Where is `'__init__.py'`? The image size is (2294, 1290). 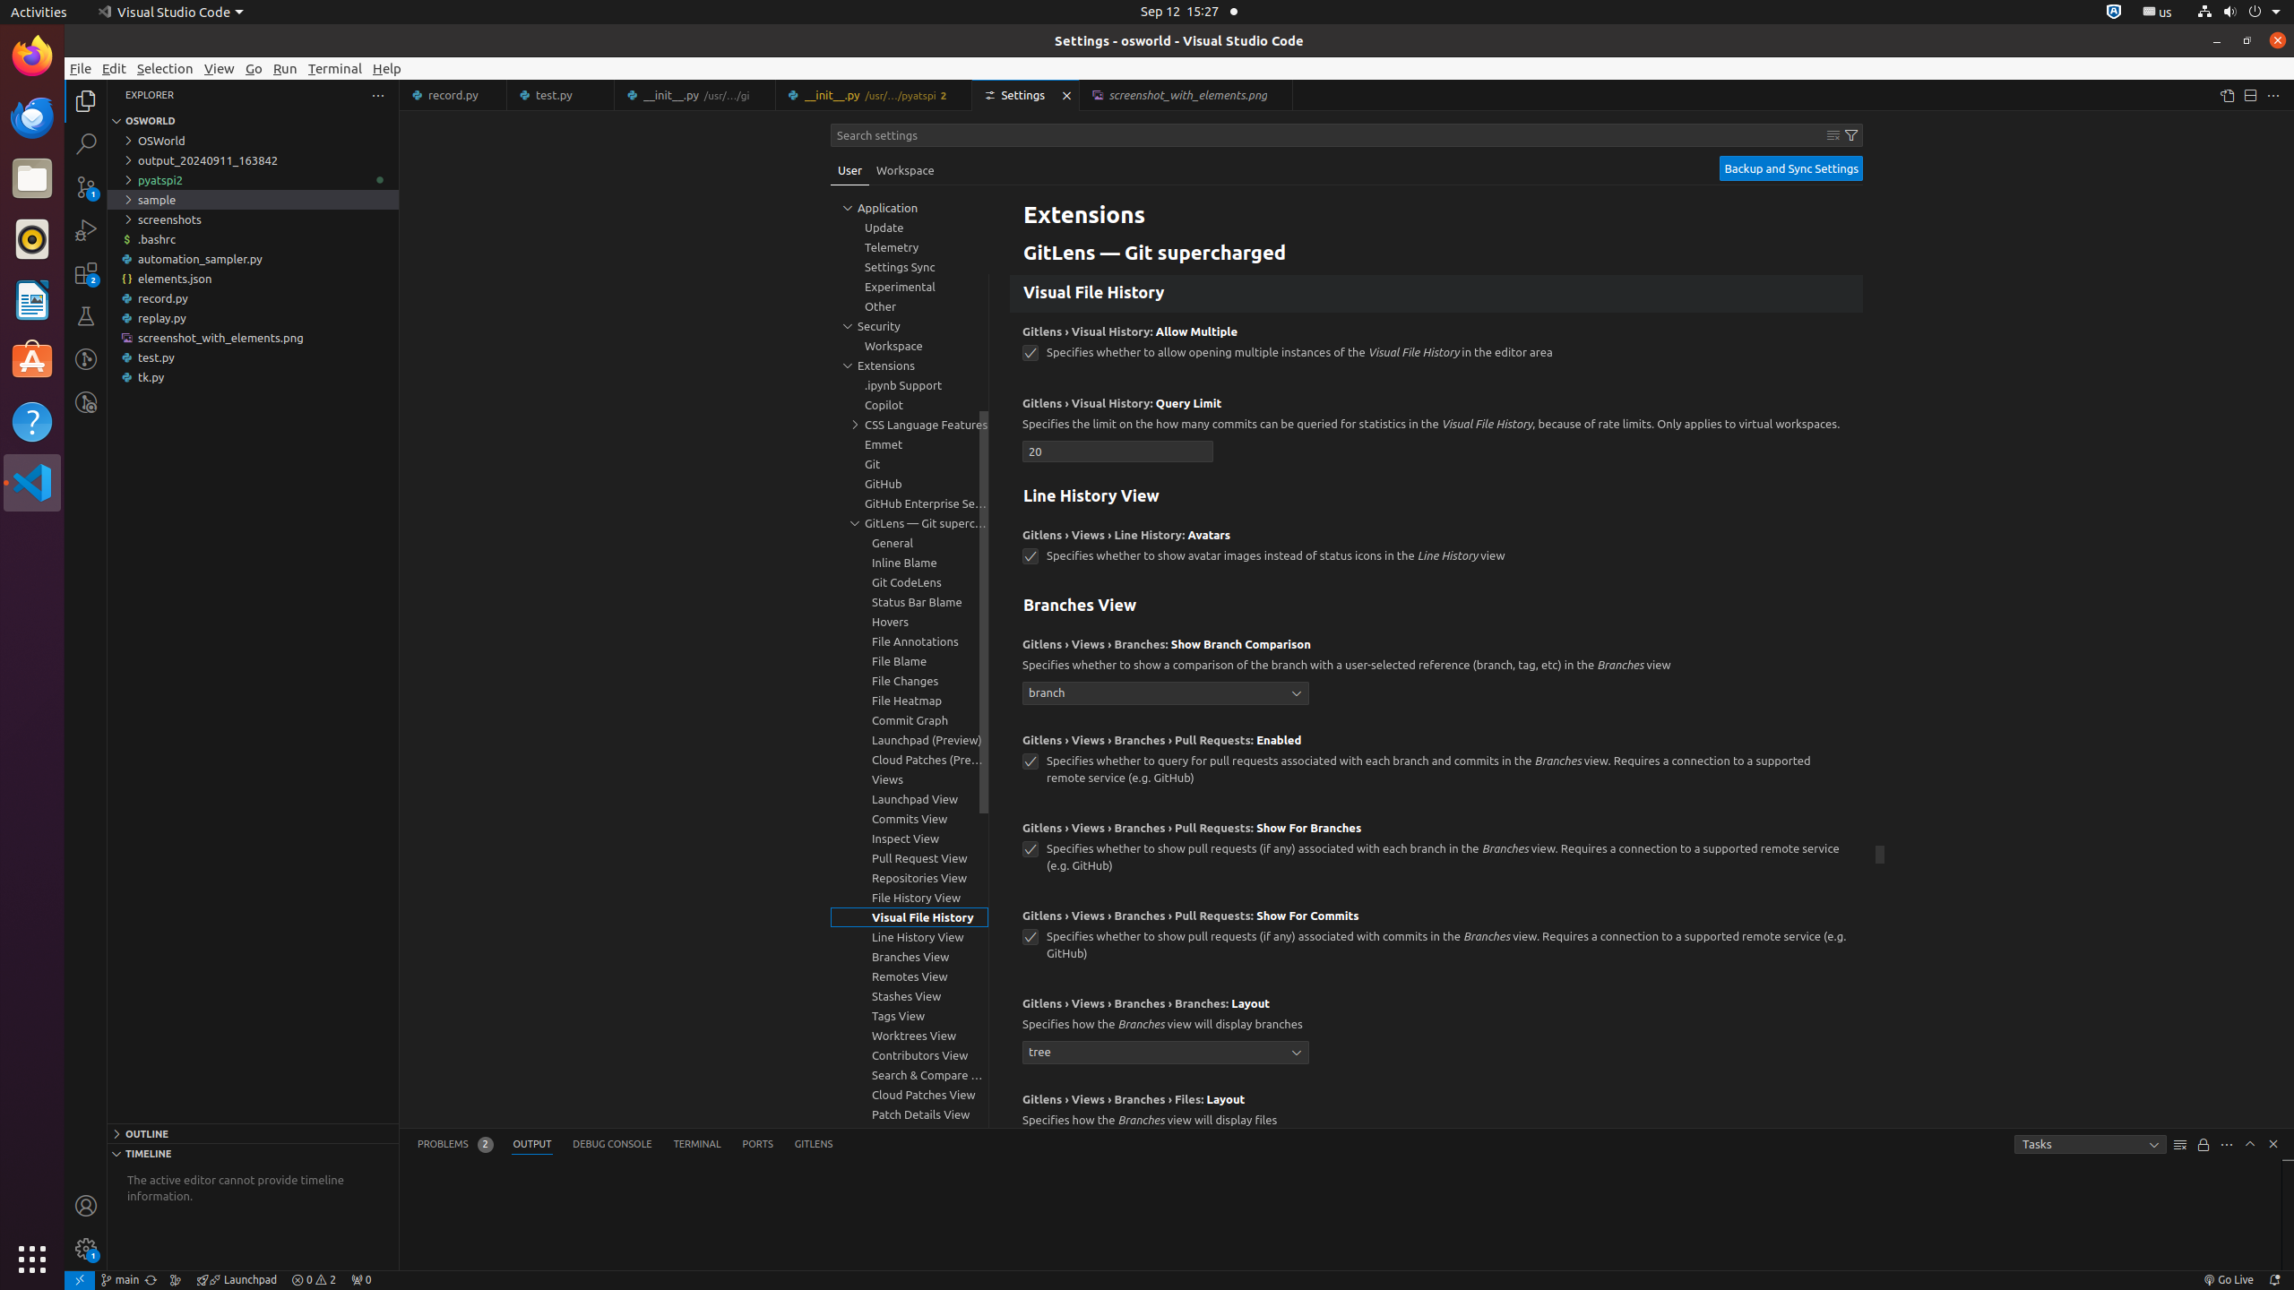 '__init__.py' is located at coordinates (873, 95).